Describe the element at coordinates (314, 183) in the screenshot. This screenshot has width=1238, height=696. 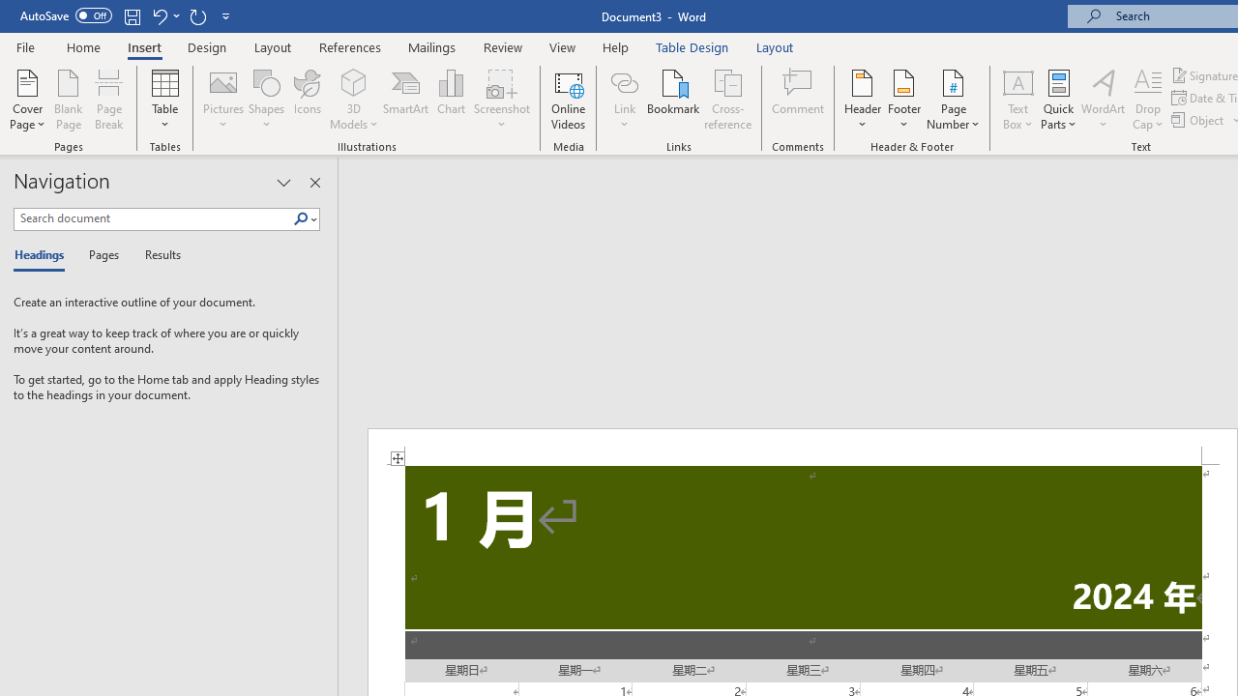
I see `'Close pane'` at that location.